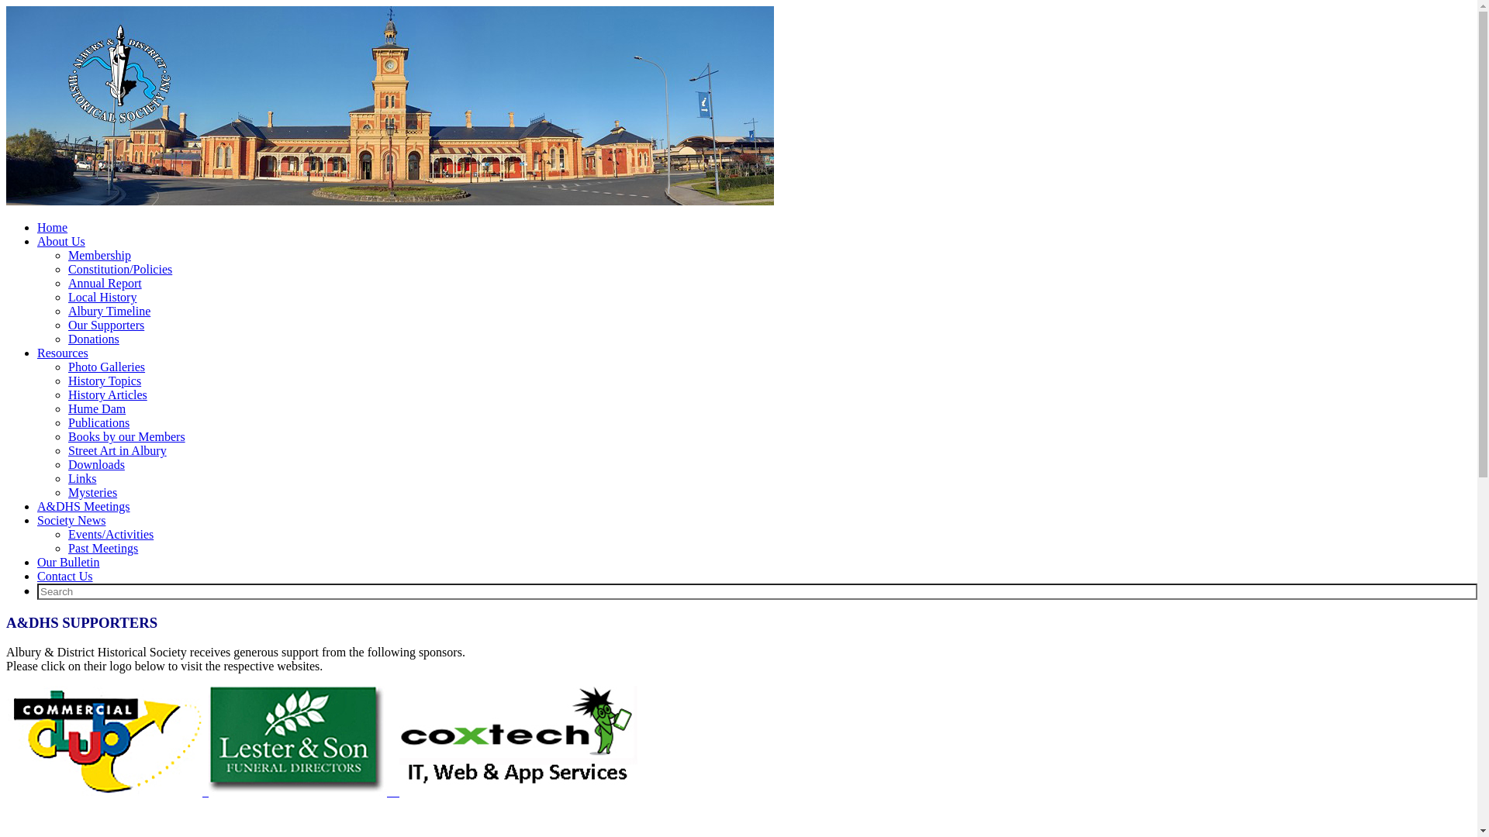 This screenshot has height=837, width=1489. What do you see at coordinates (70, 520) in the screenshot?
I see `'Society News'` at bounding box center [70, 520].